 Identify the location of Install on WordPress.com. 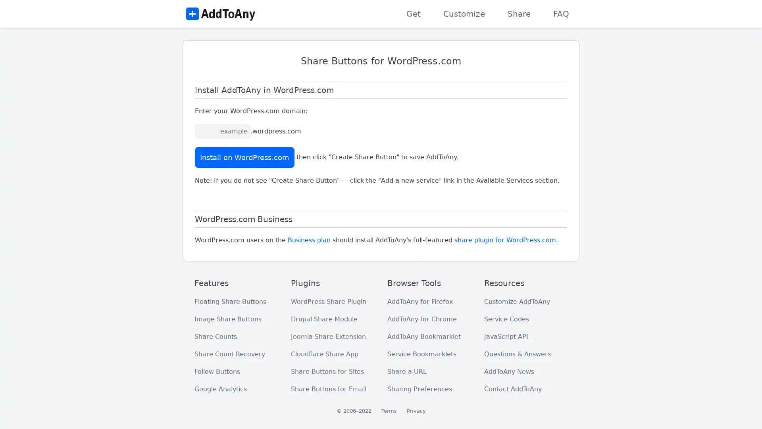
(244, 157).